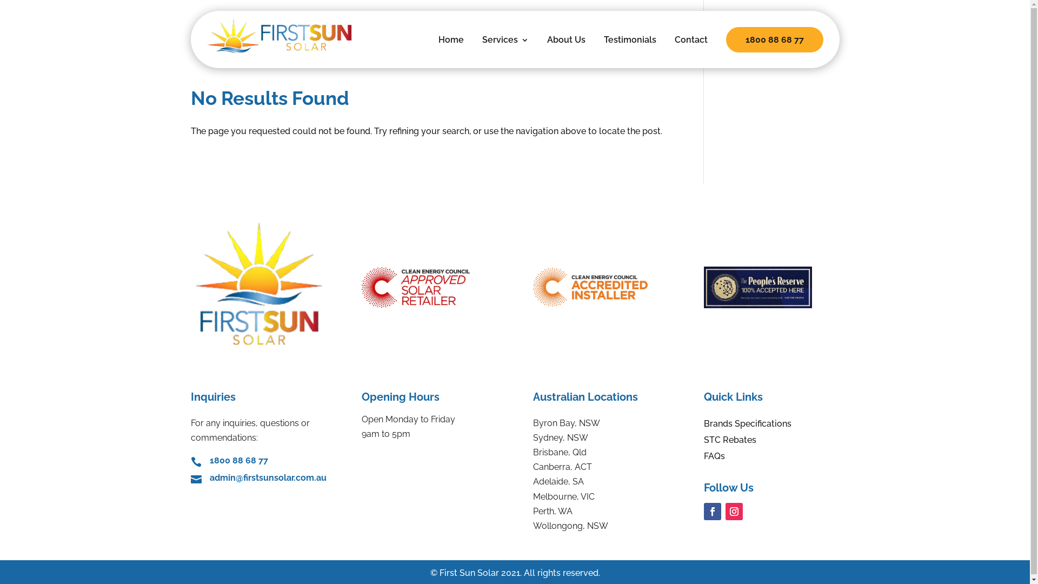 The width and height of the screenshot is (1038, 584). Describe the element at coordinates (757, 287) in the screenshot. I see `'TPR gold logo'` at that location.